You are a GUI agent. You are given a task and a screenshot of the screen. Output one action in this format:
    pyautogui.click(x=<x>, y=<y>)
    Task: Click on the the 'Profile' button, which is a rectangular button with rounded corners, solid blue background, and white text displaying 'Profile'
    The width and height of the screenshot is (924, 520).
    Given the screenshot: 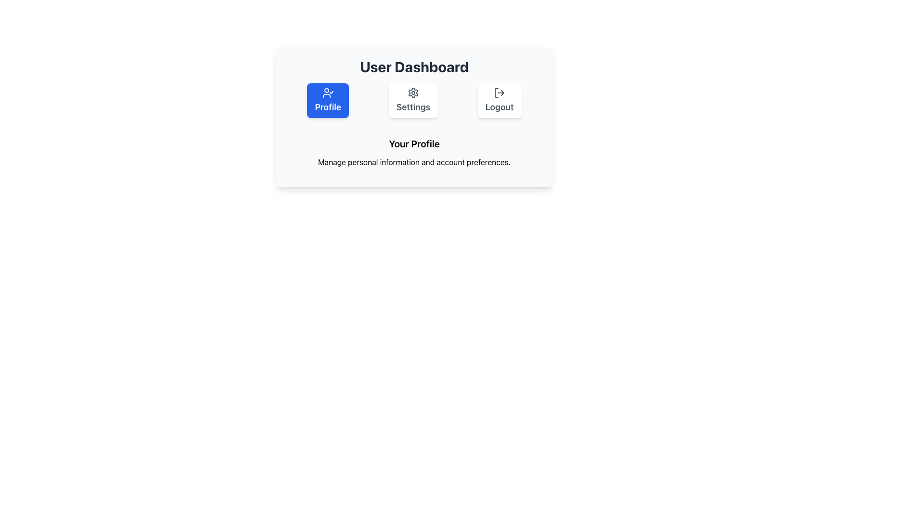 What is the action you would take?
    pyautogui.click(x=328, y=100)
    